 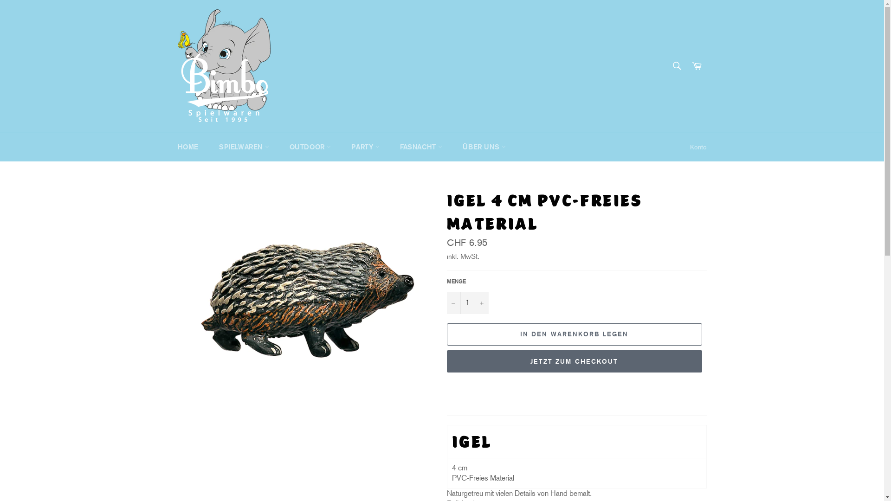 I want to click on 'OUTDOOR', so click(x=310, y=147).